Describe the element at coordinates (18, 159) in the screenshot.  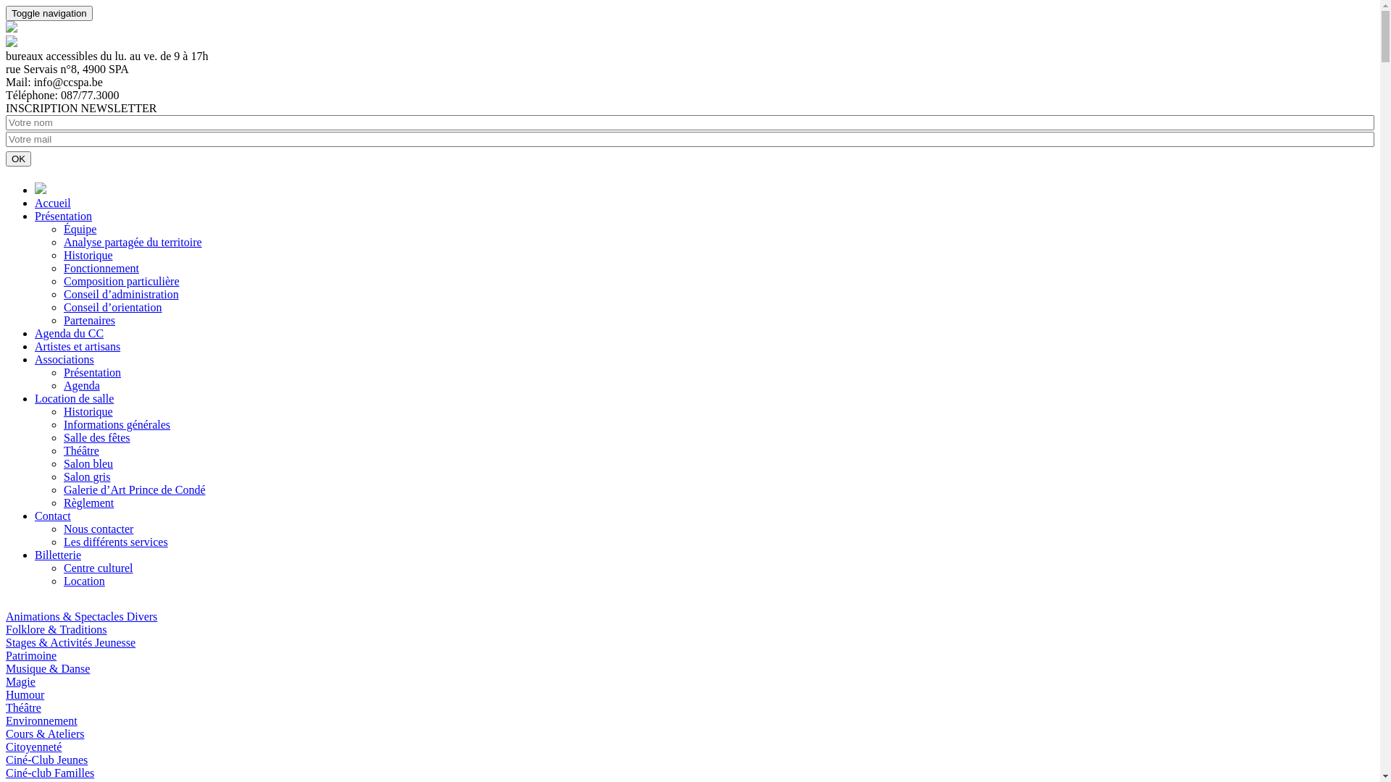
I see `'OK'` at that location.